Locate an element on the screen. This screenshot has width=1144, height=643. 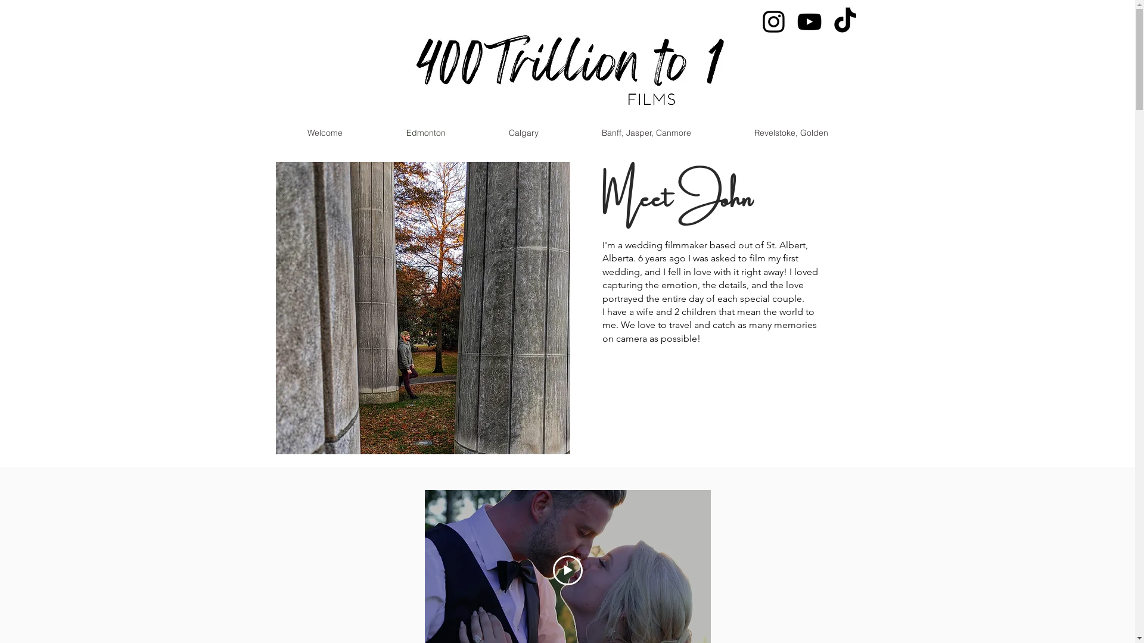
'Revelstoke, Golden' is located at coordinates (790, 133).